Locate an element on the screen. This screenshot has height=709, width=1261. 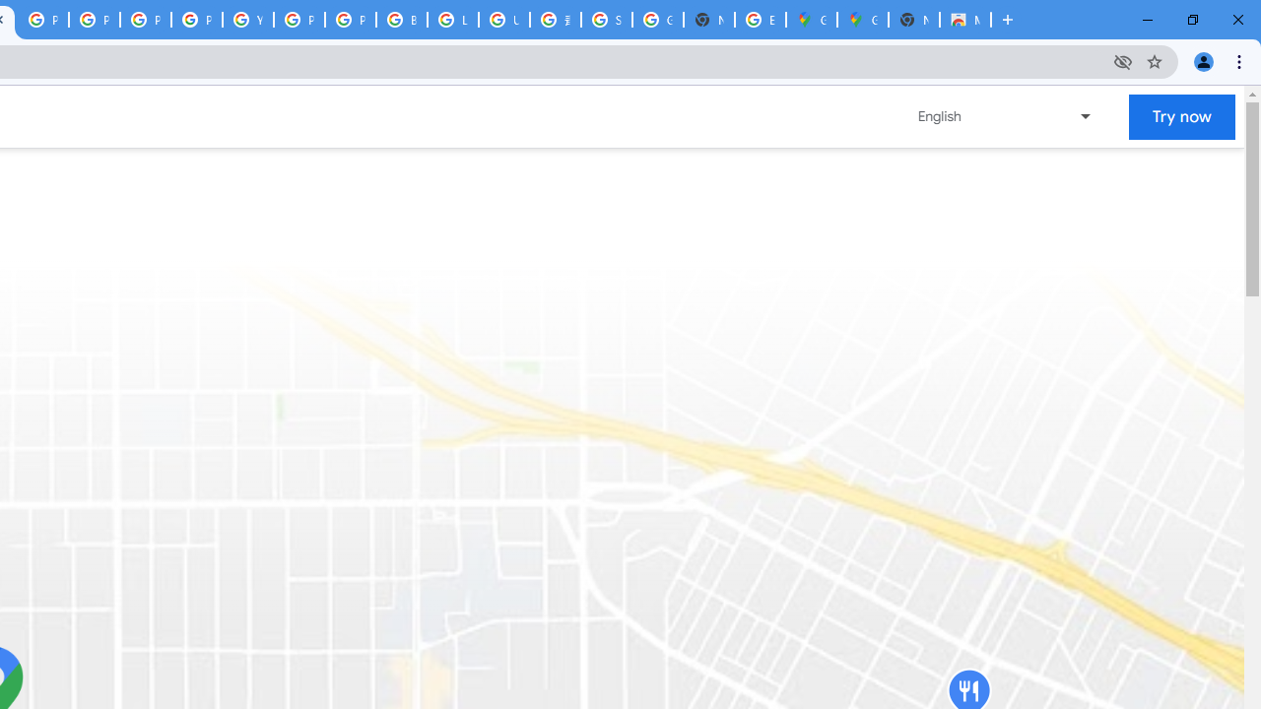
'Browse Chrome as a guest - Computer - Google Chrome Help' is located at coordinates (400, 20).